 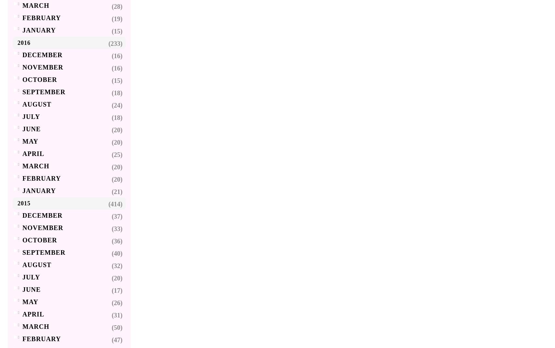 I want to click on '(33)', so click(x=117, y=228).